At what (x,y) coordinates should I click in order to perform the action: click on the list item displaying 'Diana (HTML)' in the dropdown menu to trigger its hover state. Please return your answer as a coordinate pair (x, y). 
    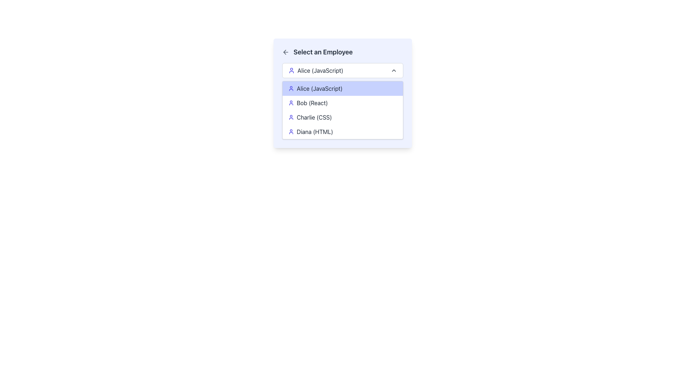
    Looking at the image, I should click on (342, 132).